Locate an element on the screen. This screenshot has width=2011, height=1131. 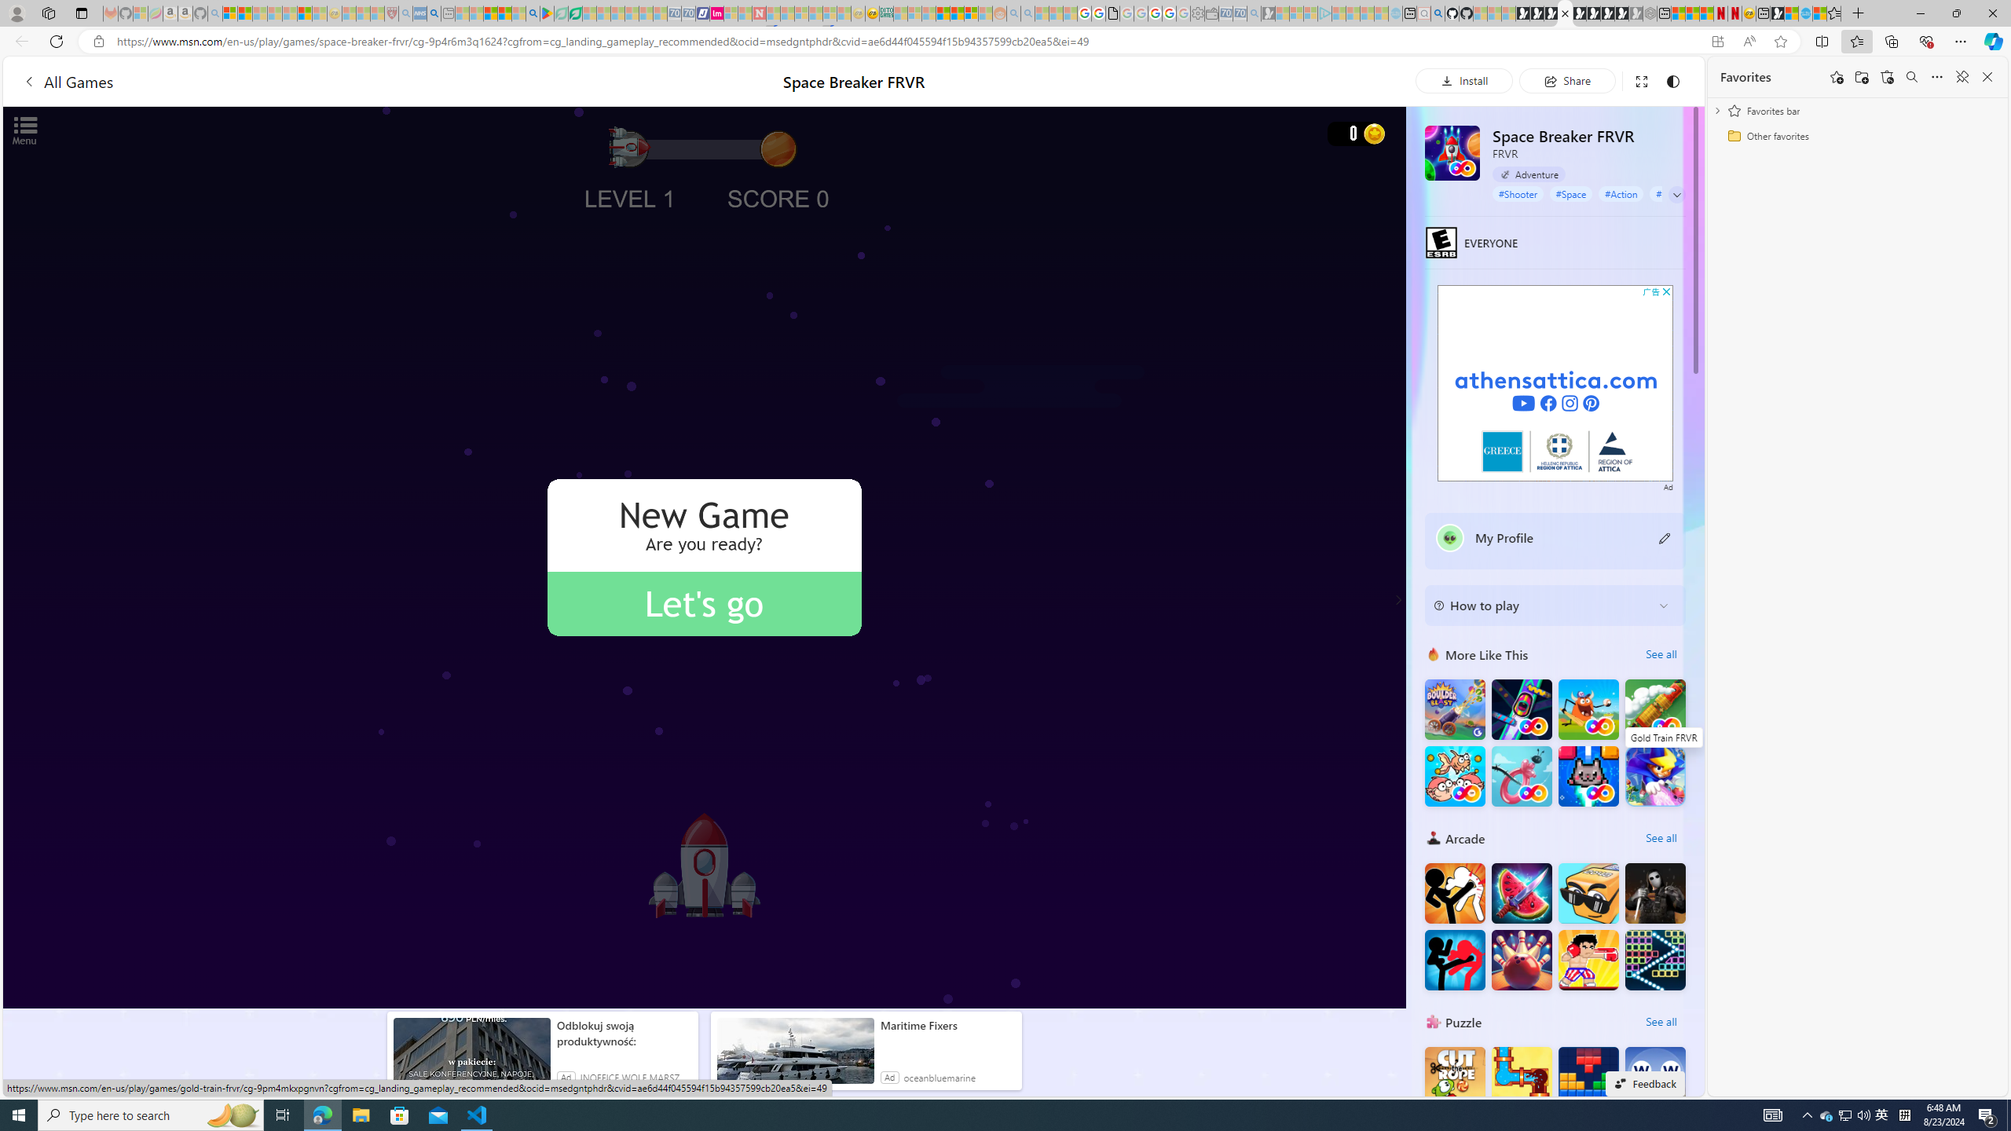
'github - Search' is located at coordinates (1438, 13).